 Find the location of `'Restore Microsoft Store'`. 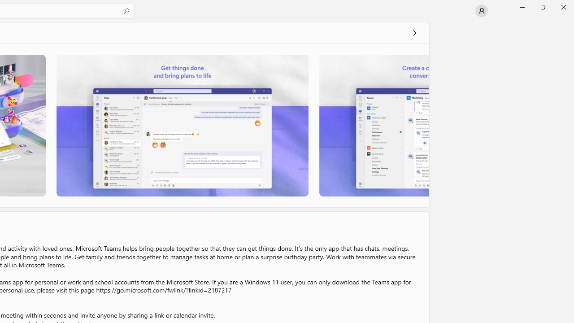

'Restore Microsoft Store' is located at coordinates (542, 7).